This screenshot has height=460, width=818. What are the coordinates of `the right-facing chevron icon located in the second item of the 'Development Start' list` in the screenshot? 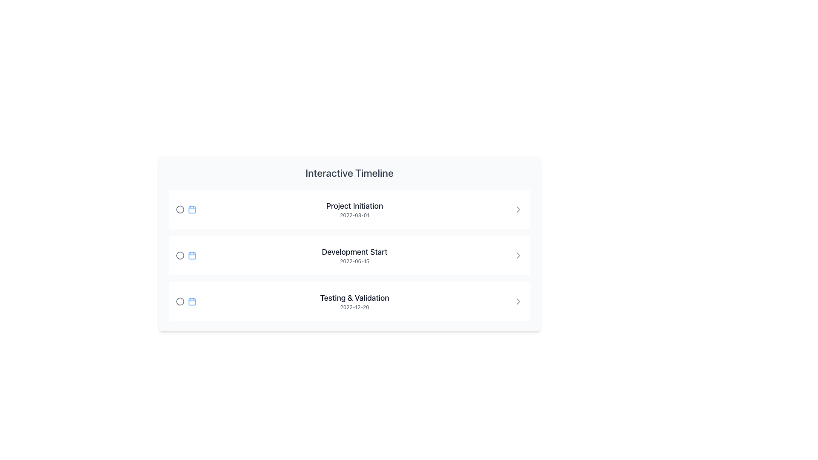 It's located at (518, 255).